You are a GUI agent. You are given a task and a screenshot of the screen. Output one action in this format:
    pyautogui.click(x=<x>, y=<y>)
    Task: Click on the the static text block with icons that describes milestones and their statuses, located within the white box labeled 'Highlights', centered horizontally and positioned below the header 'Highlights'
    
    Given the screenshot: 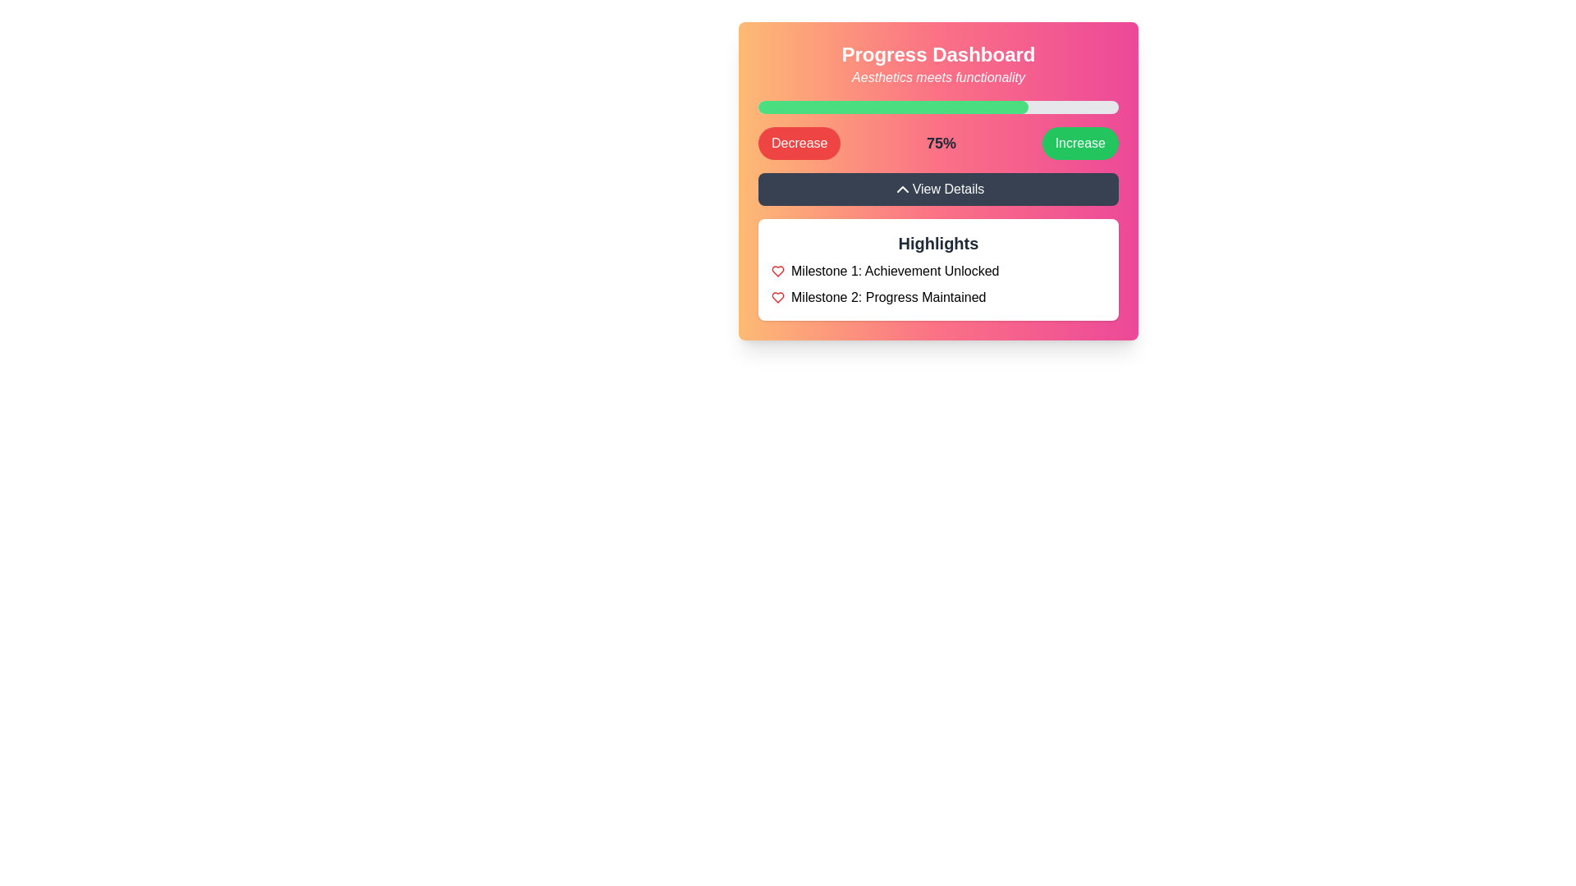 What is the action you would take?
    pyautogui.click(x=938, y=284)
    